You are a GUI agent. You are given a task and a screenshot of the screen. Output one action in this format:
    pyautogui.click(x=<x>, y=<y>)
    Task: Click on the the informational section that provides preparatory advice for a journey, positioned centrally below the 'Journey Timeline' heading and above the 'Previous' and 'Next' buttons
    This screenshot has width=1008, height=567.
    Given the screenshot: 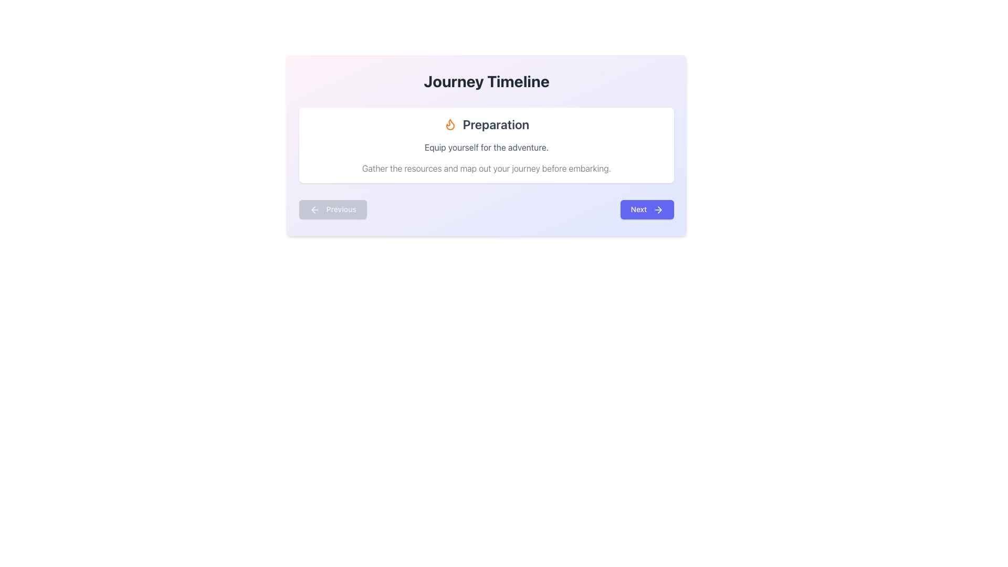 What is the action you would take?
    pyautogui.click(x=486, y=145)
    